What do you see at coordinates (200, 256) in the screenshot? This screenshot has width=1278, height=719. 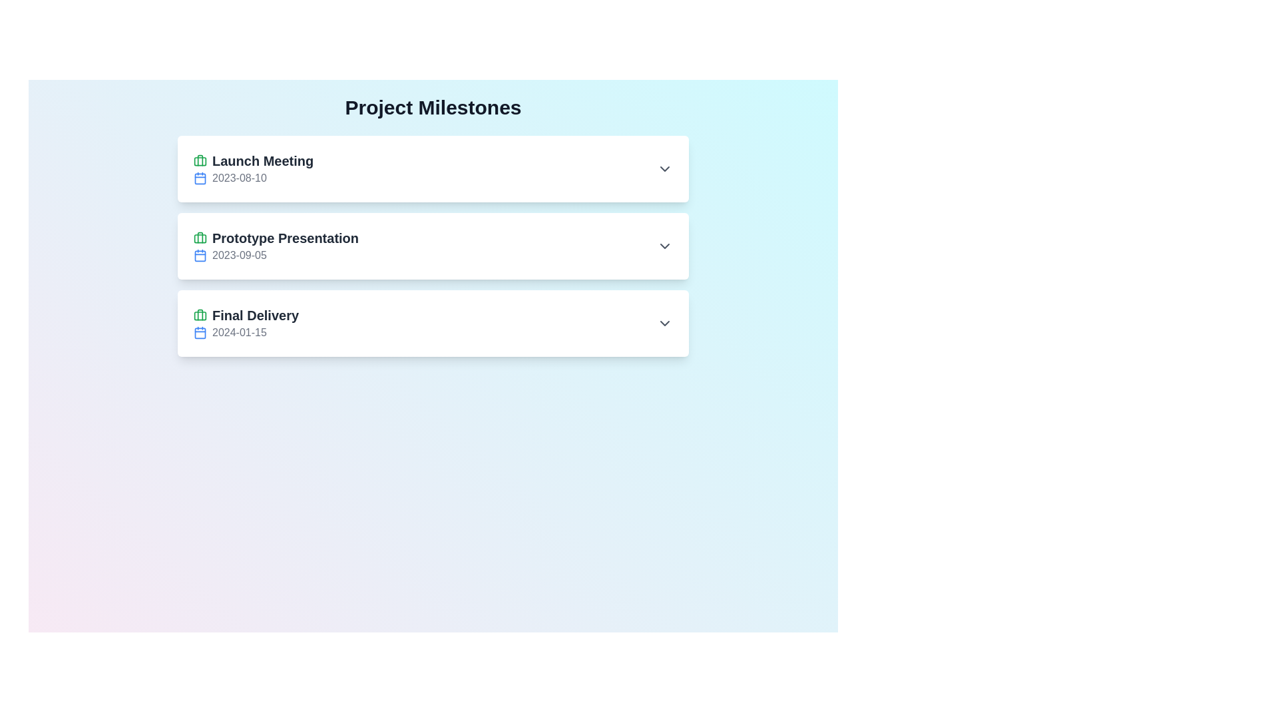 I see `the decorative visual element within the calendar icon, which is part of the second milestone item titled 'Prototype Presentation', located on the left side of the text and aligned with the event date description` at bounding box center [200, 256].